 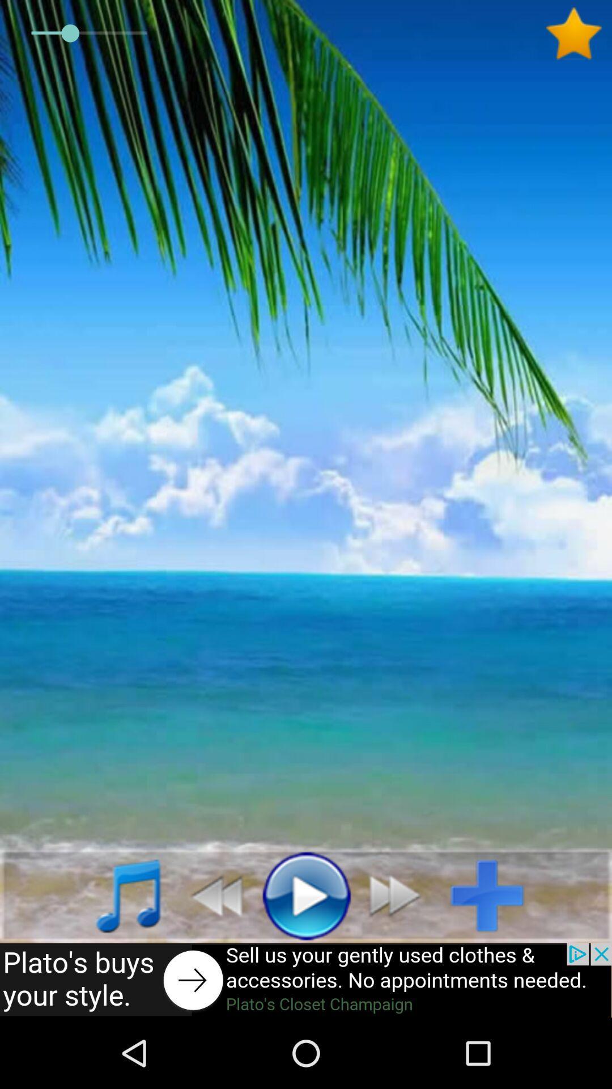 I want to click on click the backward option, so click(x=210, y=894).